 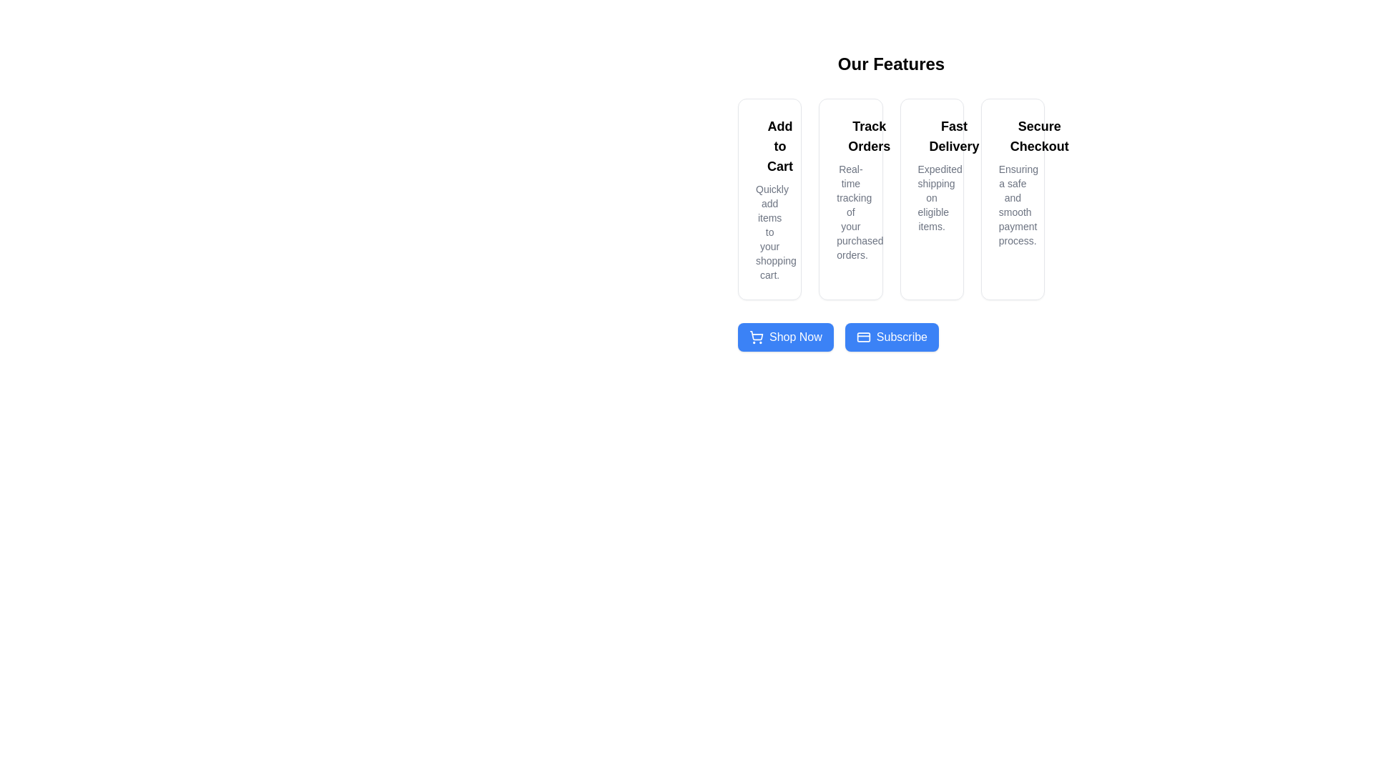 I want to click on the Label with Icon that identifies the secure checkout feature located in the fourth feature card under the 'Our Features' section, so click(x=1012, y=137).